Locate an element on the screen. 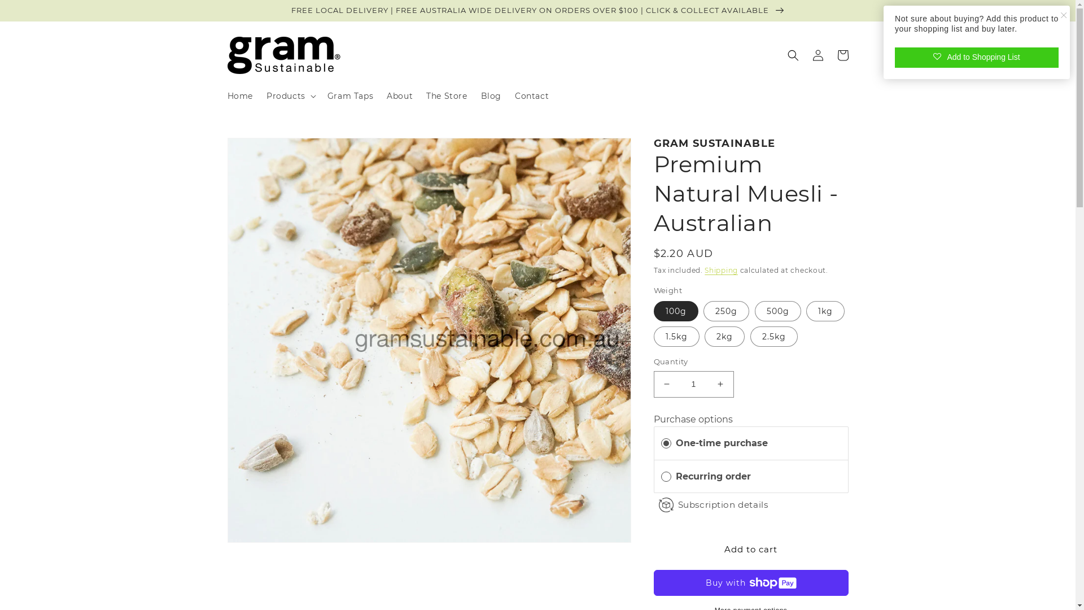 The width and height of the screenshot is (1084, 610). 'Blog' is located at coordinates (491, 95).